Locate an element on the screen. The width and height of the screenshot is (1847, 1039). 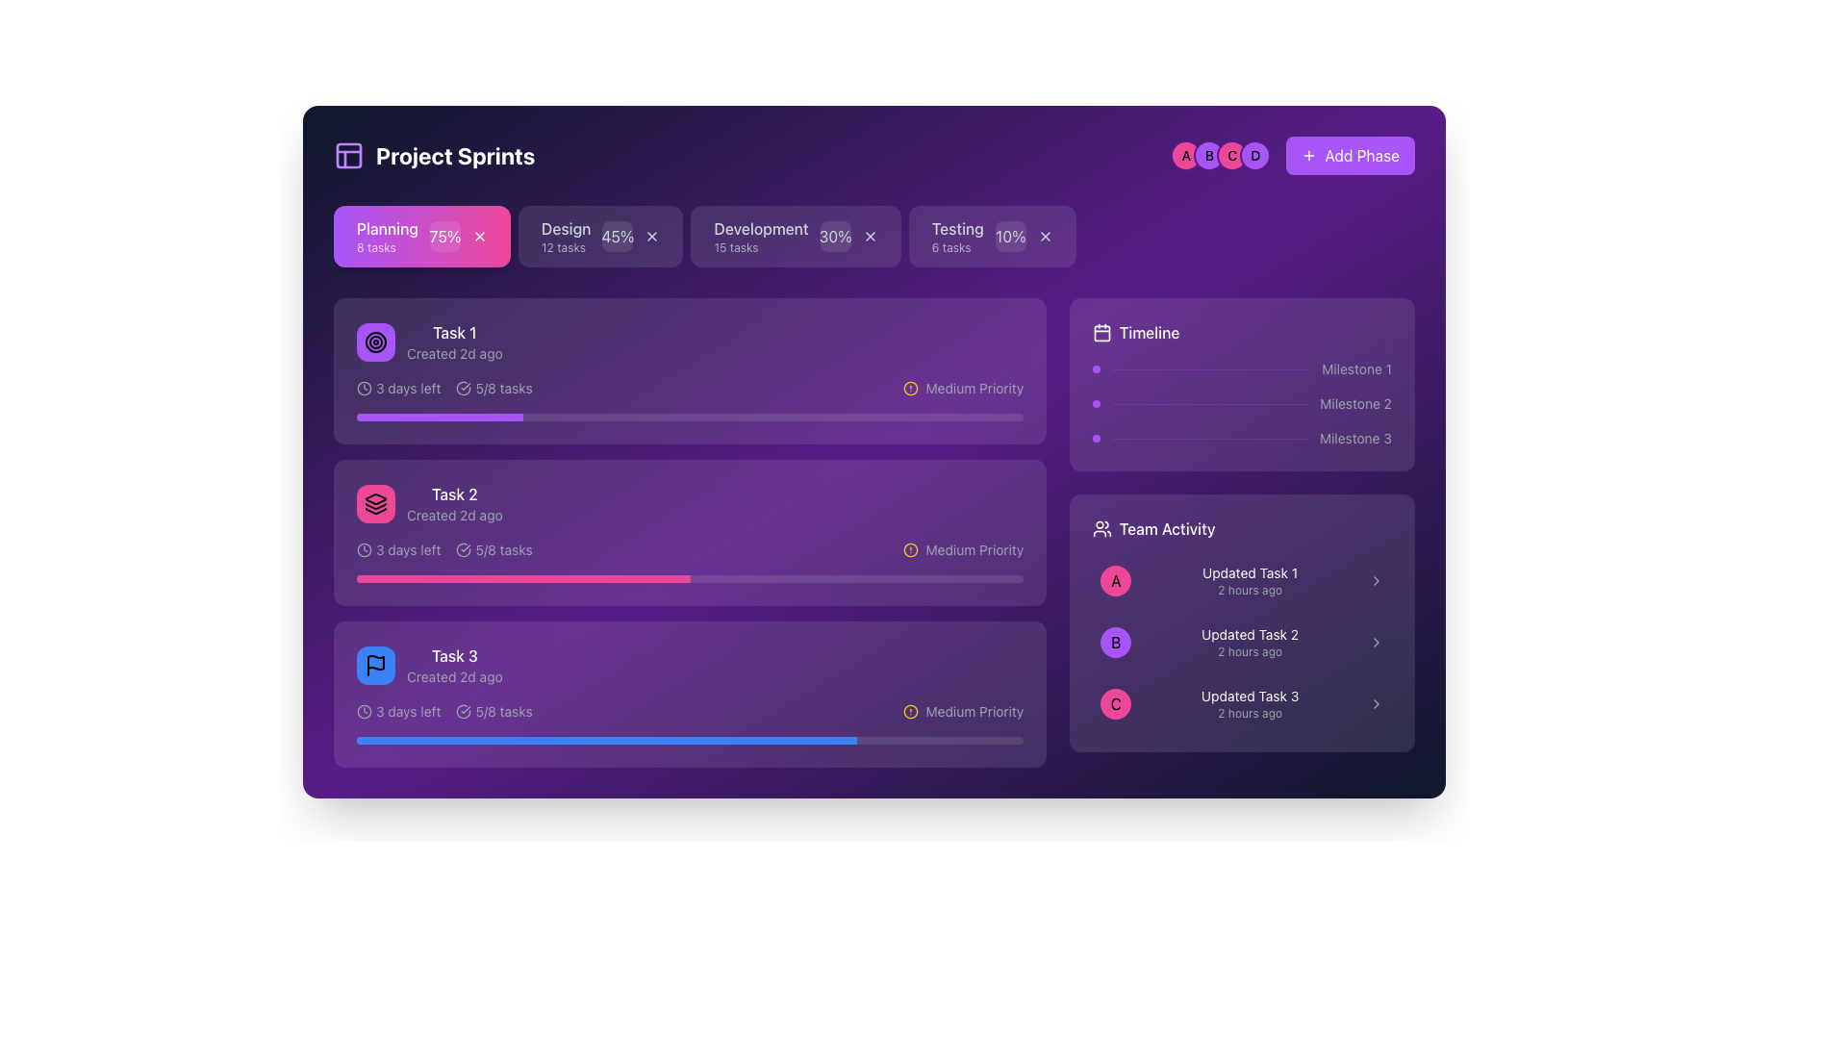
the third list item is located at coordinates (1242, 704).